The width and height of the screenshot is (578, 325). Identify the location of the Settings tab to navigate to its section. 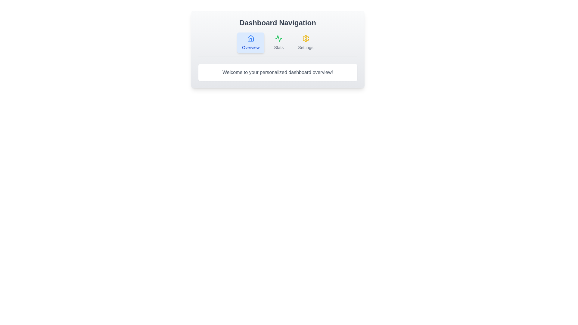
(305, 42).